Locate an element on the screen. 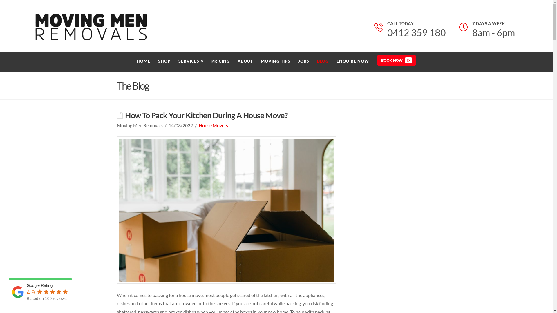 This screenshot has width=557, height=313. 'JOBS' is located at coordinates (303, 61).